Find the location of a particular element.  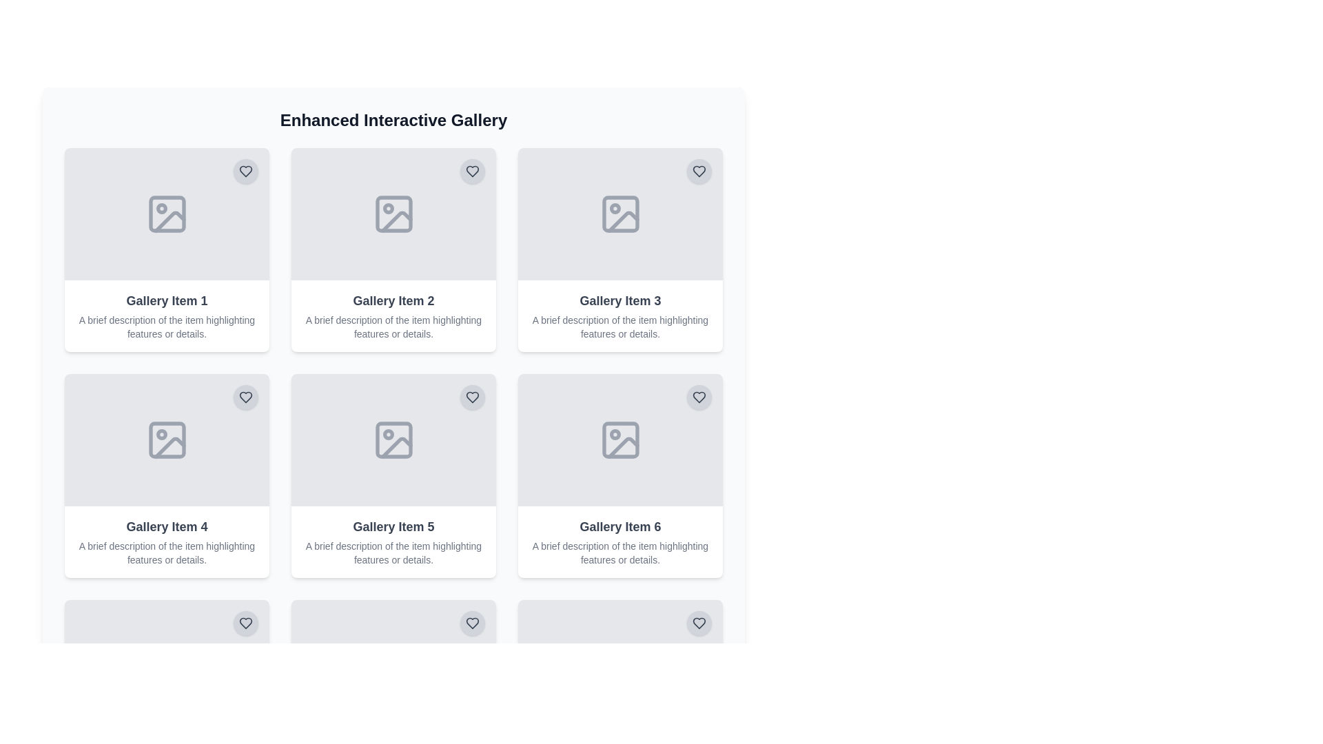

the rectangular graphical shape that symbolizes an image placeholder in 'Gallery Item 6' is located at coordinates (619, 440).